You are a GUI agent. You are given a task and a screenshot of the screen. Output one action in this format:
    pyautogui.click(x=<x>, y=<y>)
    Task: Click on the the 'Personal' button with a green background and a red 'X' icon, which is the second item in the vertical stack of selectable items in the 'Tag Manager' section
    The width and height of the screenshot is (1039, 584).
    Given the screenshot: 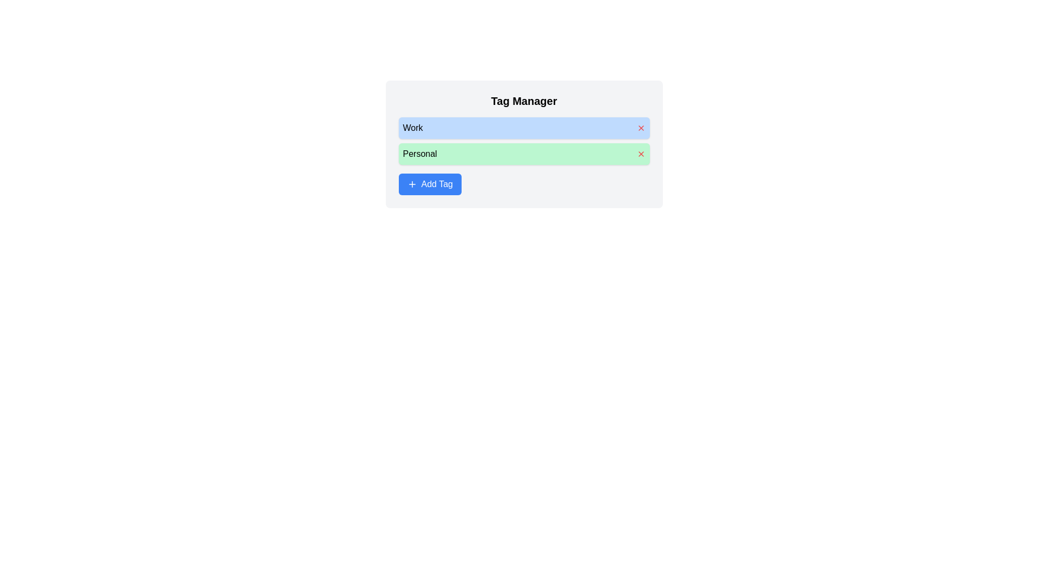 What is the action you would take?
    pyautogui.click(x=524, y=154)
    